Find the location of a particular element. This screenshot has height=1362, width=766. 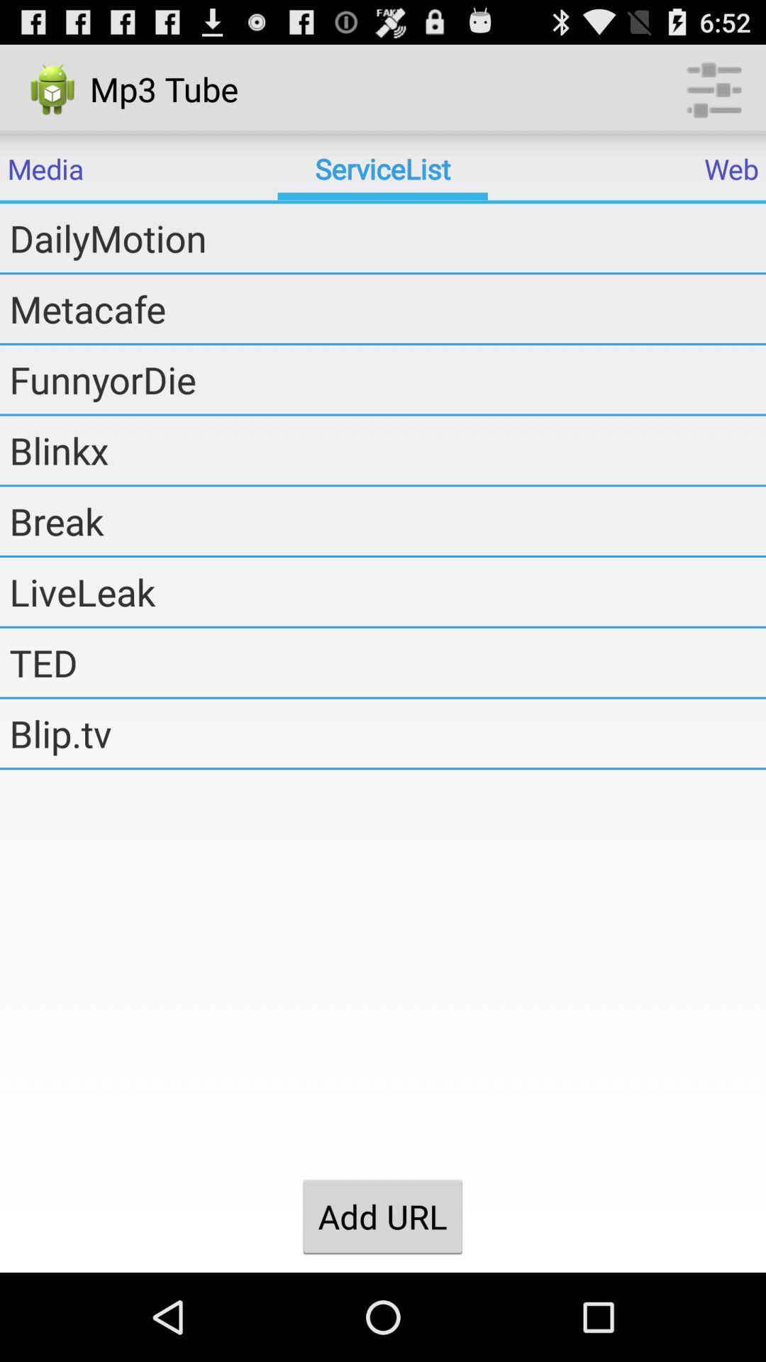

the item above ted item is located at coordinates (387, 592).